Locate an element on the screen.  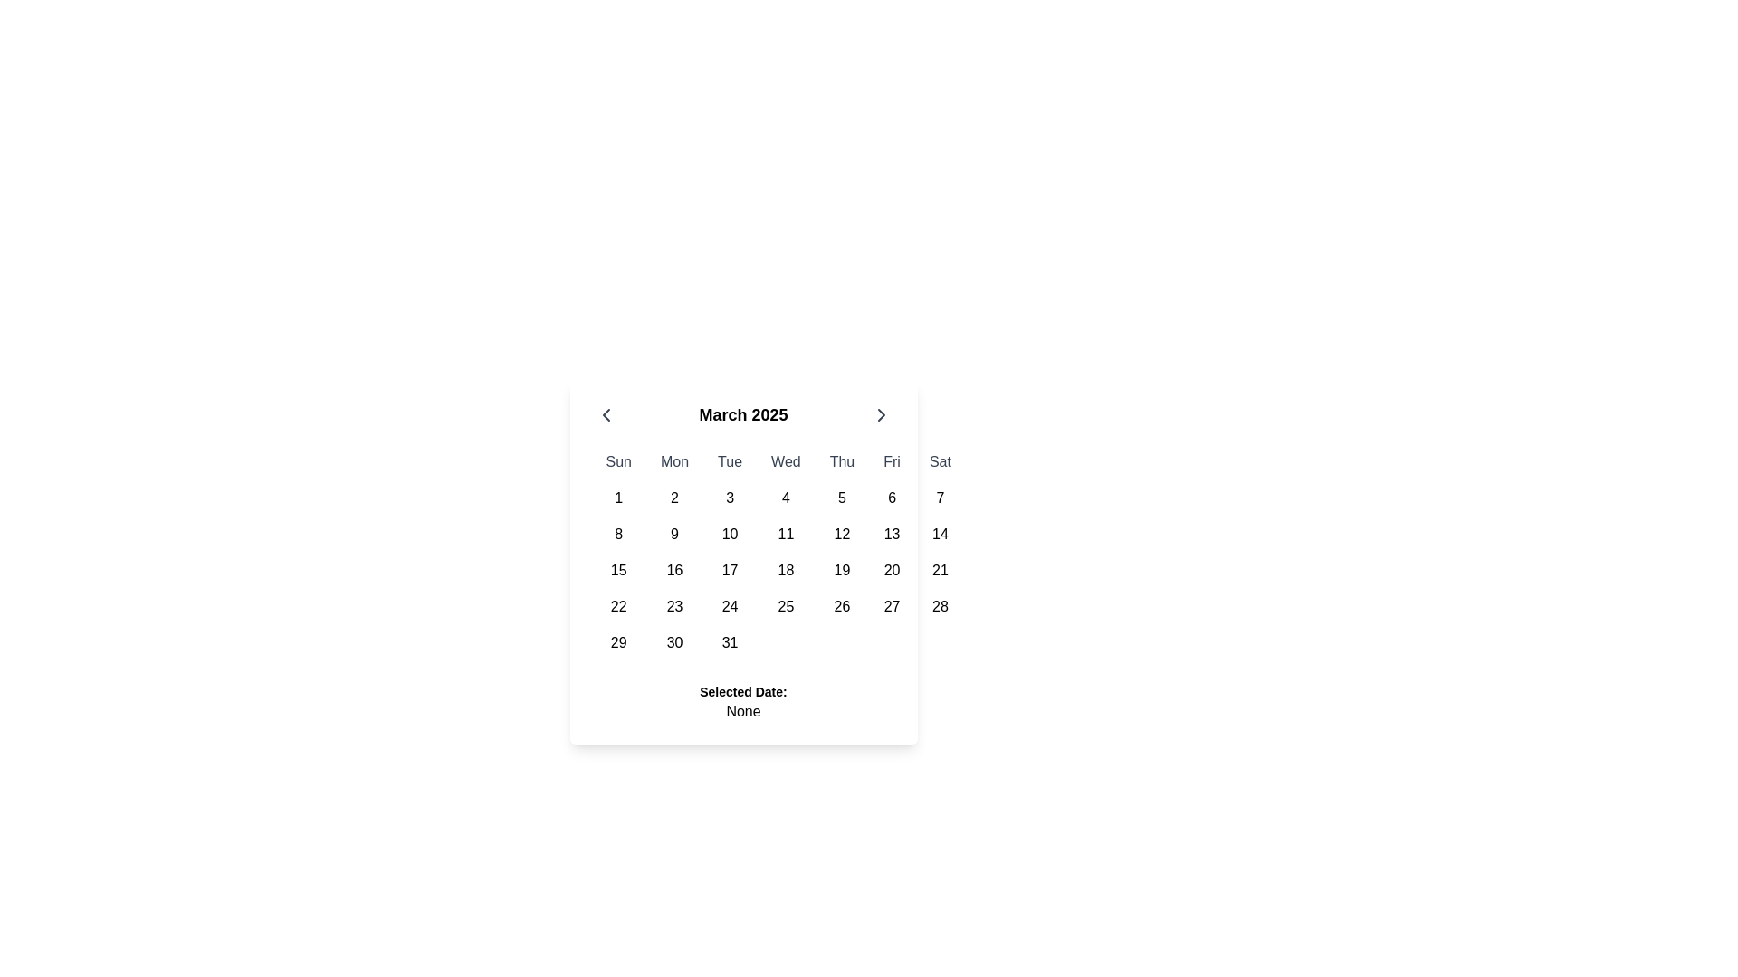
the button representing the digit '6', which is the sixth element in a sequence of digits from '1' to '7', located between '5' and '7' is located at coordinates (892, 498).